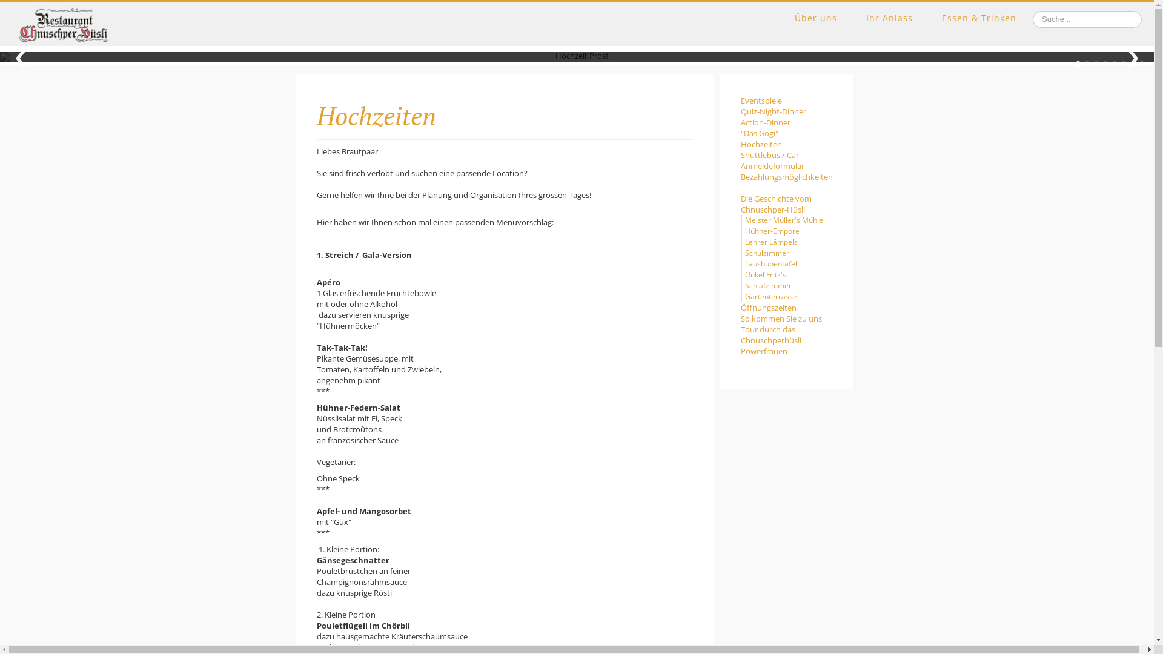  What do you see at coordinates (767, 280) in the screenshot?
I see `'Onkel Fritz's Schlafzimmer'` at bounding box center [767, 280].